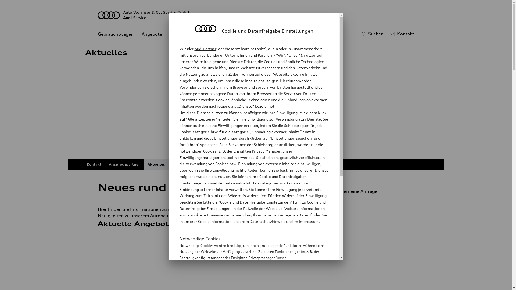  Describe the element at coordinates (370, 191) in the screenshot. I see `'Allgemeine Anfrage'` at that location.